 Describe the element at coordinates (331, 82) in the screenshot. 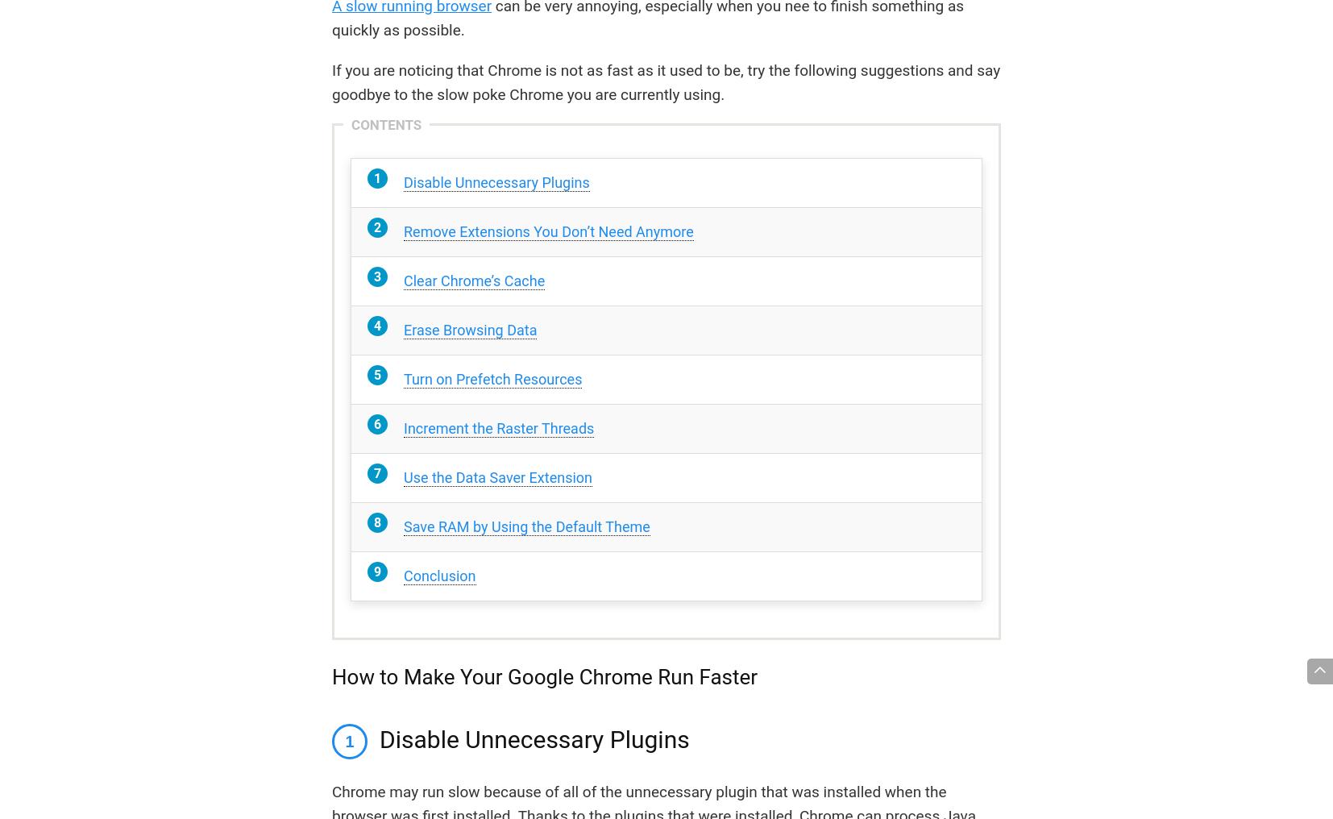

I see `'If you are noticing that Chrome is not as fast as it used to be, try the following suggestions and say goodbye to the slow poke Chrome you are currently using.'` at that location.